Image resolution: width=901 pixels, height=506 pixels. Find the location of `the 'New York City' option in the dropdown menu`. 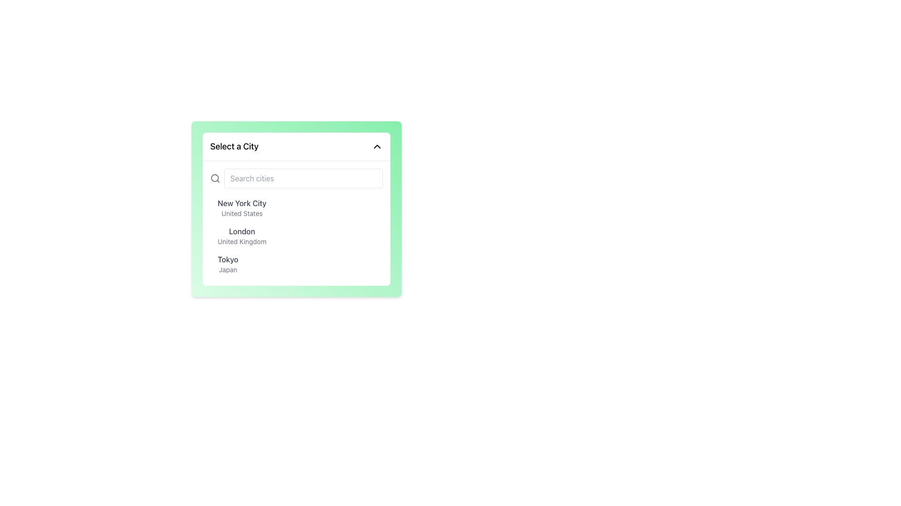

the 'New York City' option in the dropdown menu is located at coordinates (296, 207).